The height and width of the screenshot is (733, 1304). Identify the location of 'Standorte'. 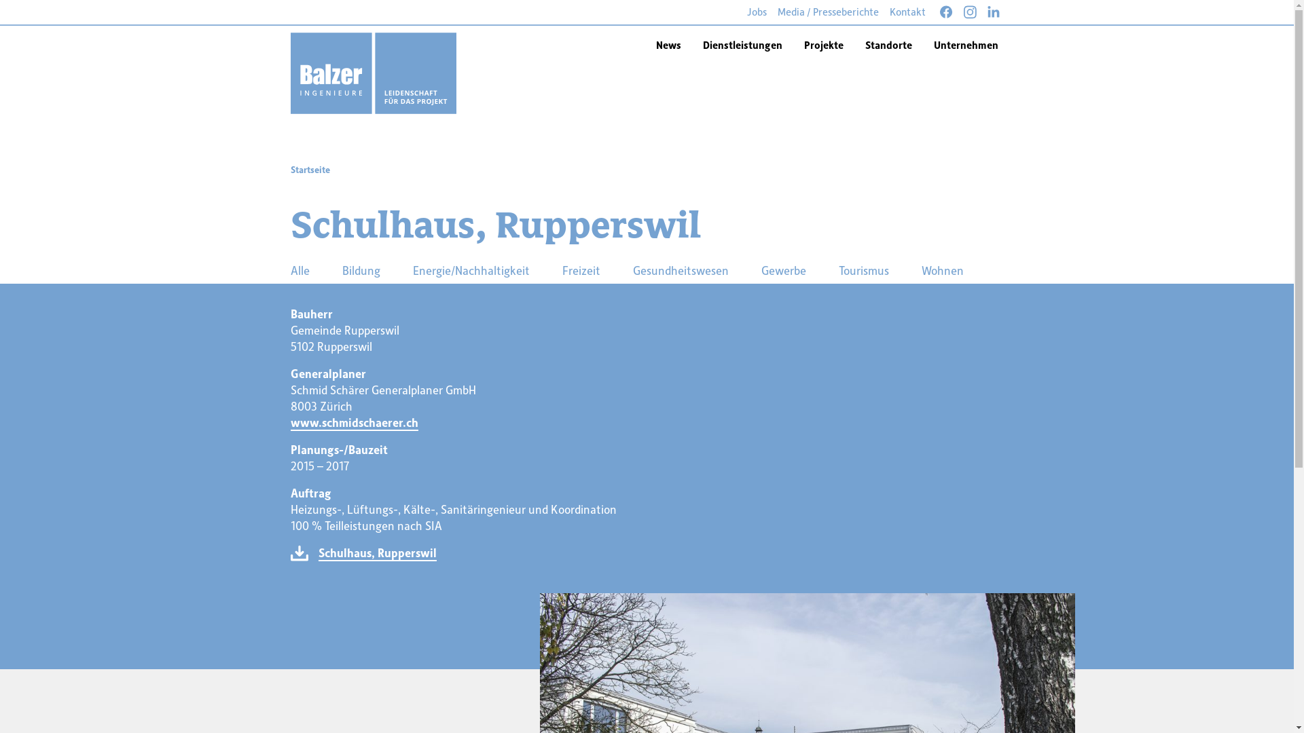
(888, 43).